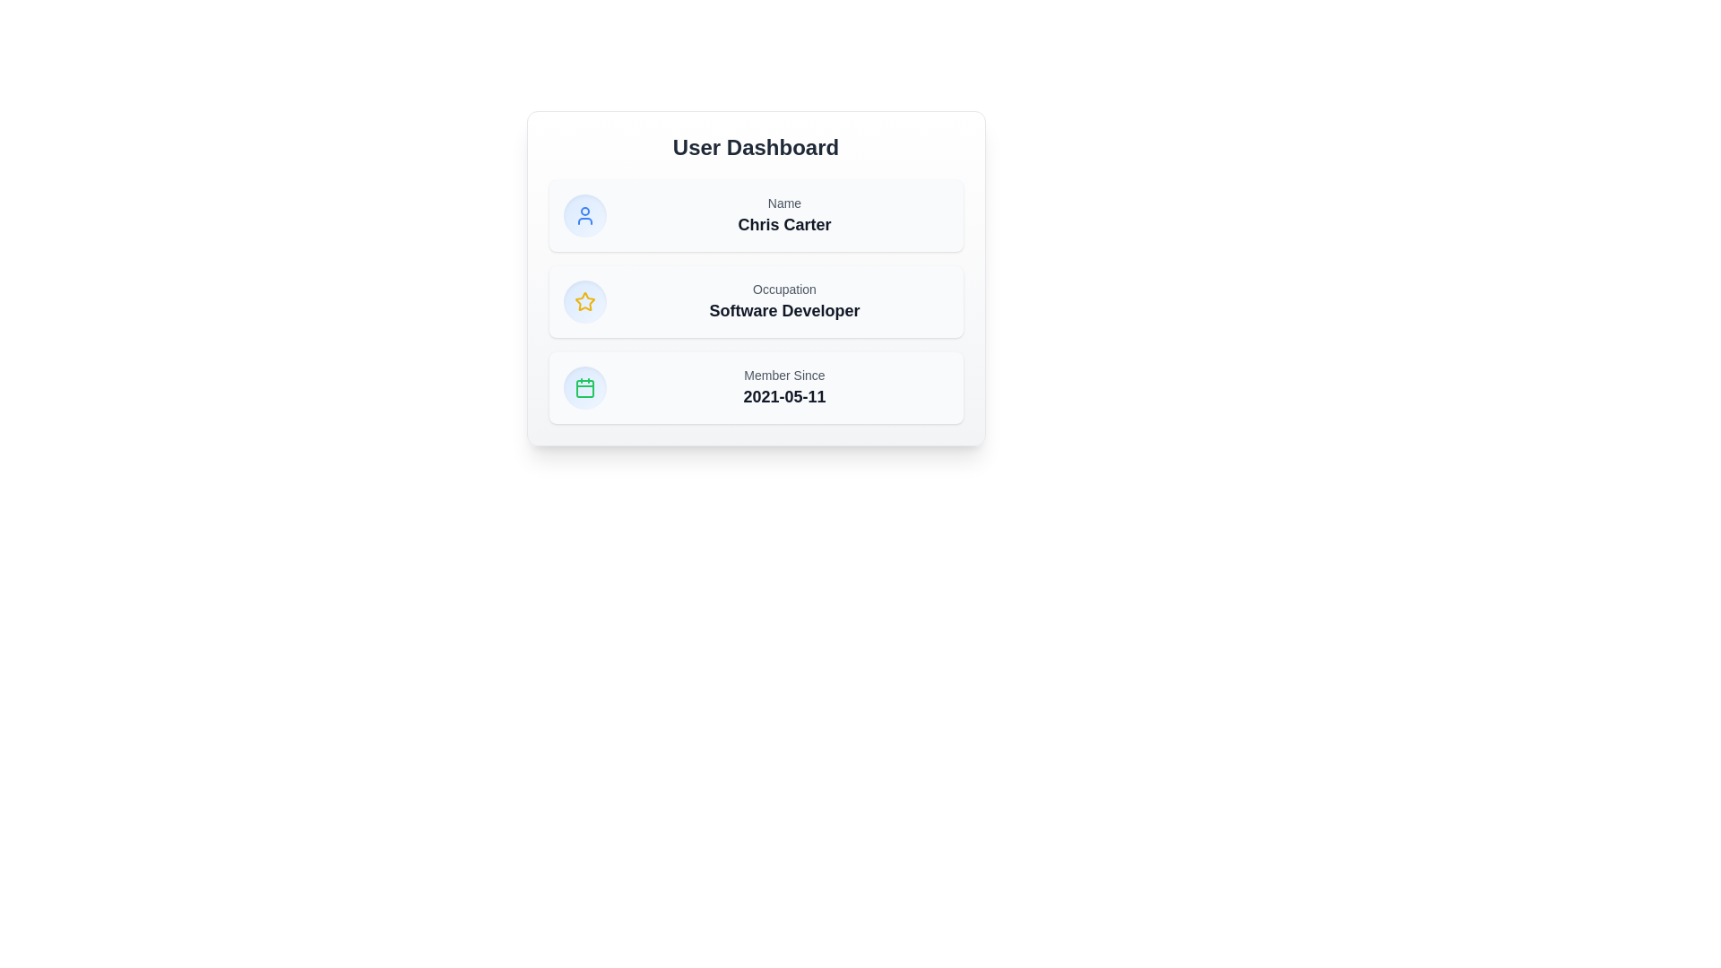 The image size is (1721, 968). What do you see at coordinates (756, 300) in the screenshot?
I see `the Informational text block that displays the individual's occupation, located in the User Dashboard panel as the second card in the vertical list` at bounding box center [756, 300].